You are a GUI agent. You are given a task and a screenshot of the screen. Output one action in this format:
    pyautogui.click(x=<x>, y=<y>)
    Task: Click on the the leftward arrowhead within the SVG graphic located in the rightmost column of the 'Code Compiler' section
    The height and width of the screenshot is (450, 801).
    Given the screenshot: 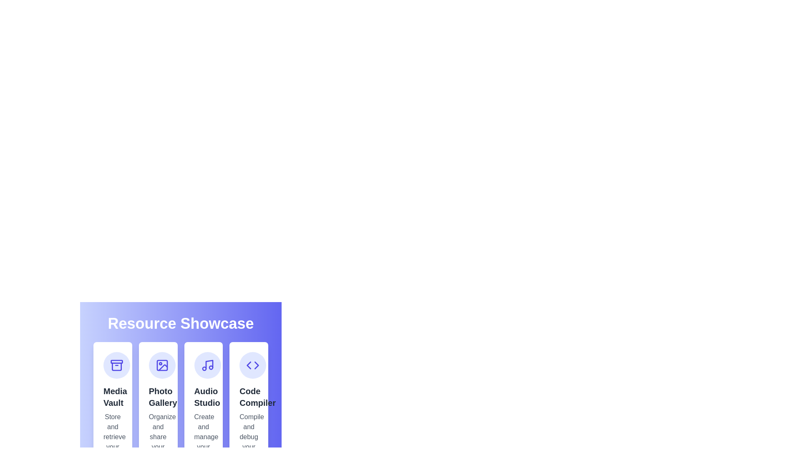 What is the action you would take?
    pyautogui.click(x=248, y=365)
    